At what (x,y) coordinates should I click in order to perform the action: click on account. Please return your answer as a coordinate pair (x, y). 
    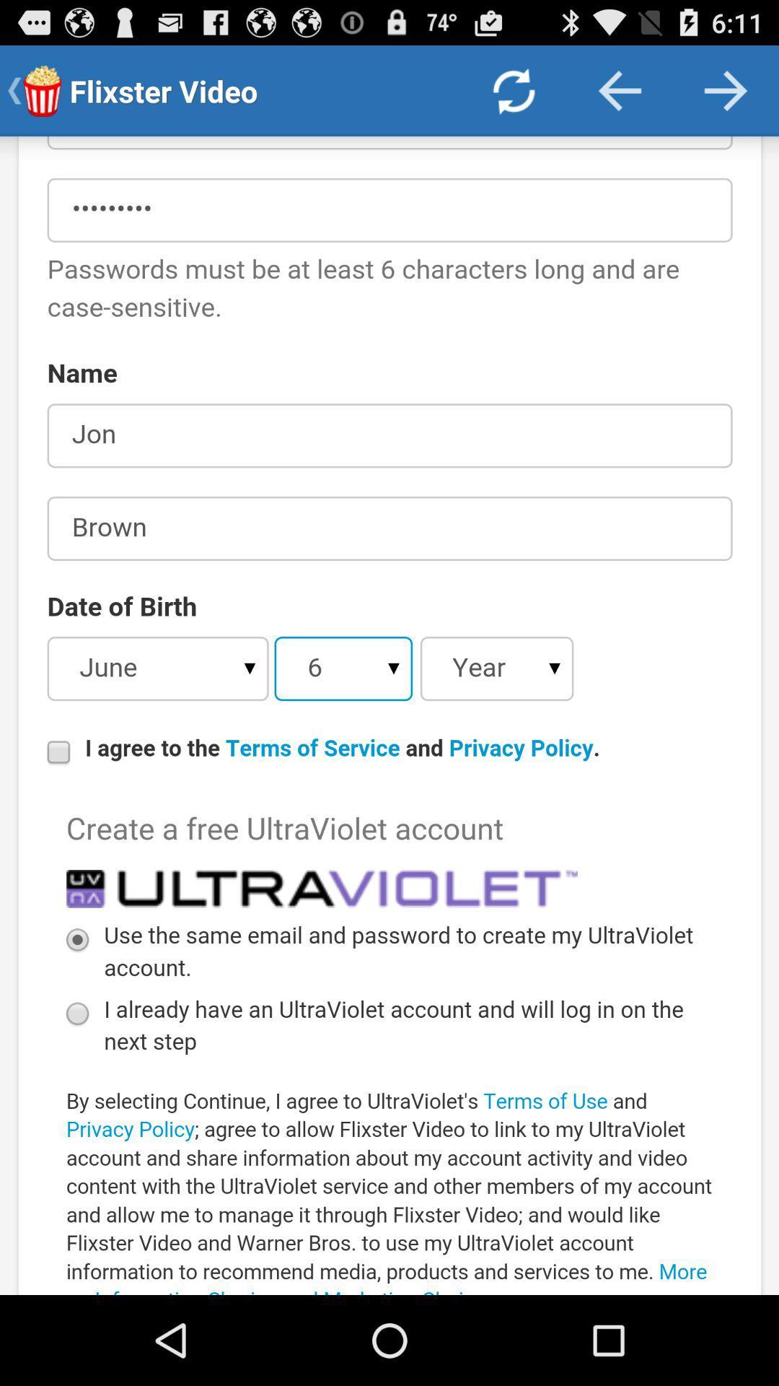
    Looking at the image, I should click on (389, 715).